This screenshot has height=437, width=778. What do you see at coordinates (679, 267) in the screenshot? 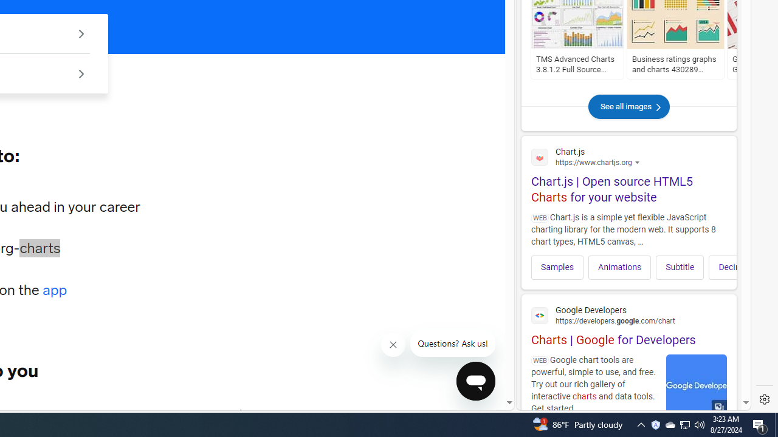
I see `'Subtitle'` at bounding box center [679, 267].